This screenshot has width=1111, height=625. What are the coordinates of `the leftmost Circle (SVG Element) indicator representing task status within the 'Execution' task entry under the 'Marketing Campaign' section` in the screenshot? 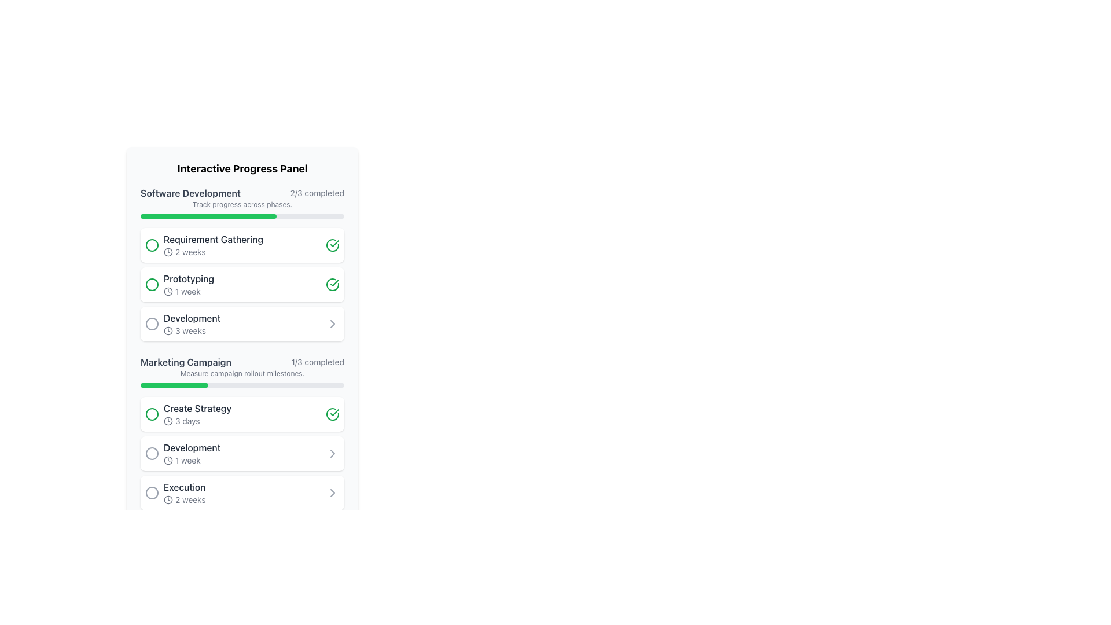 It's located at (152, 493).